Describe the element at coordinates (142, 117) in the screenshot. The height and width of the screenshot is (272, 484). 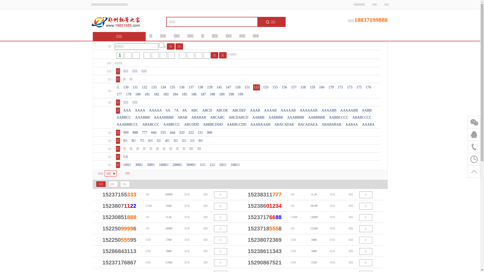
I see `'AAABBB'` at that location.